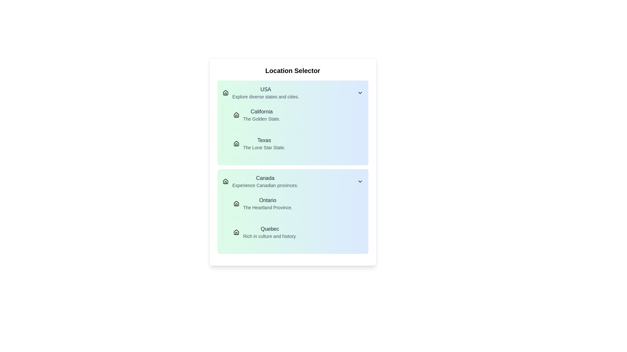  What do you see at coordinates (265, 181) in the screenshot?
I see `the List item with descriptive text that displays 'Canada'` at bounding box center [265, 181].